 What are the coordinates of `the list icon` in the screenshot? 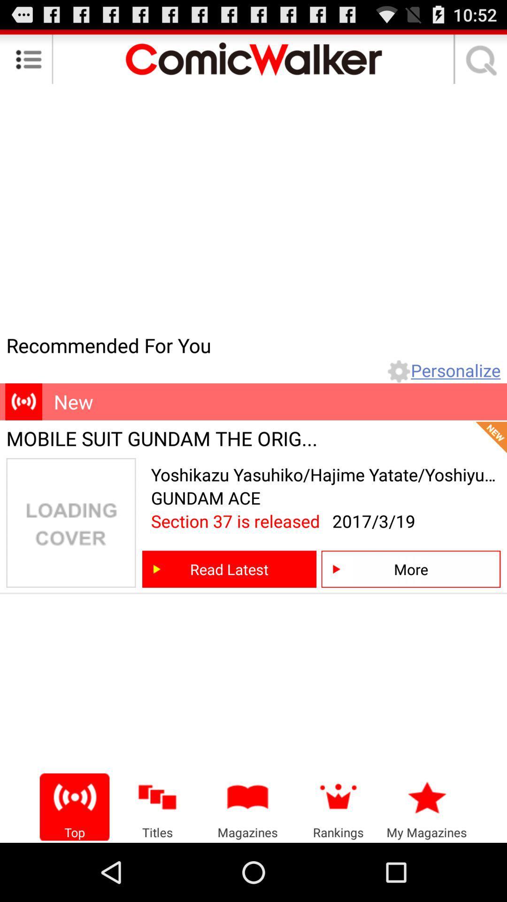 It's located at (28, 62).